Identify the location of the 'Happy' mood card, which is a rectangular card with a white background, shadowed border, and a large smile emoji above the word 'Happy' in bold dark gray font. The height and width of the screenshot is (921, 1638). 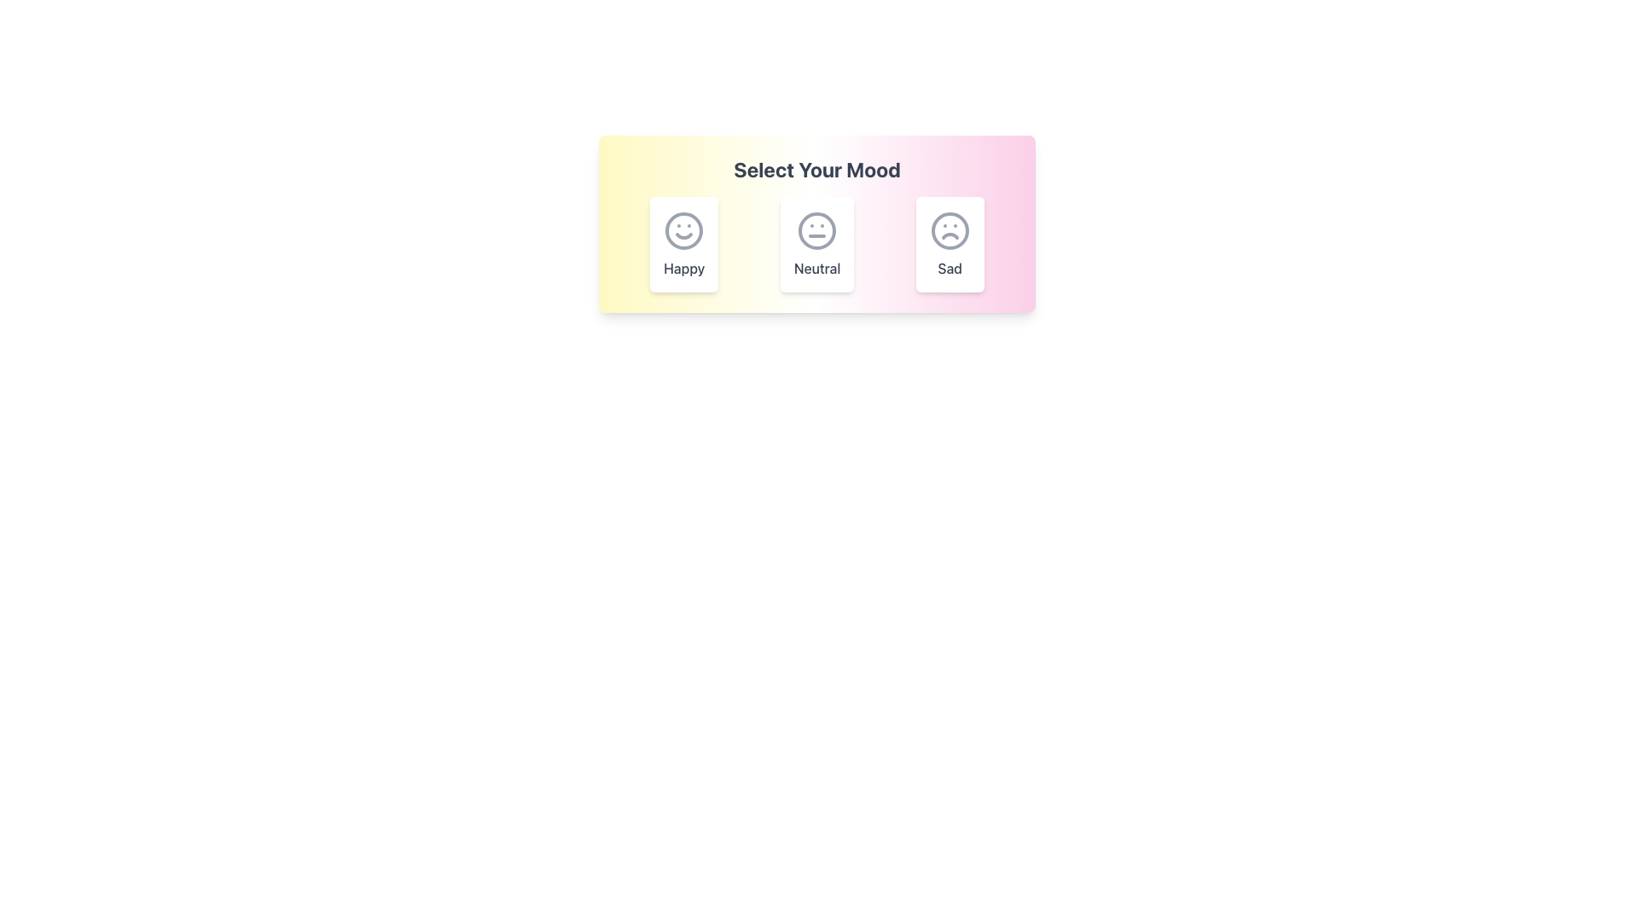
(683, 244).